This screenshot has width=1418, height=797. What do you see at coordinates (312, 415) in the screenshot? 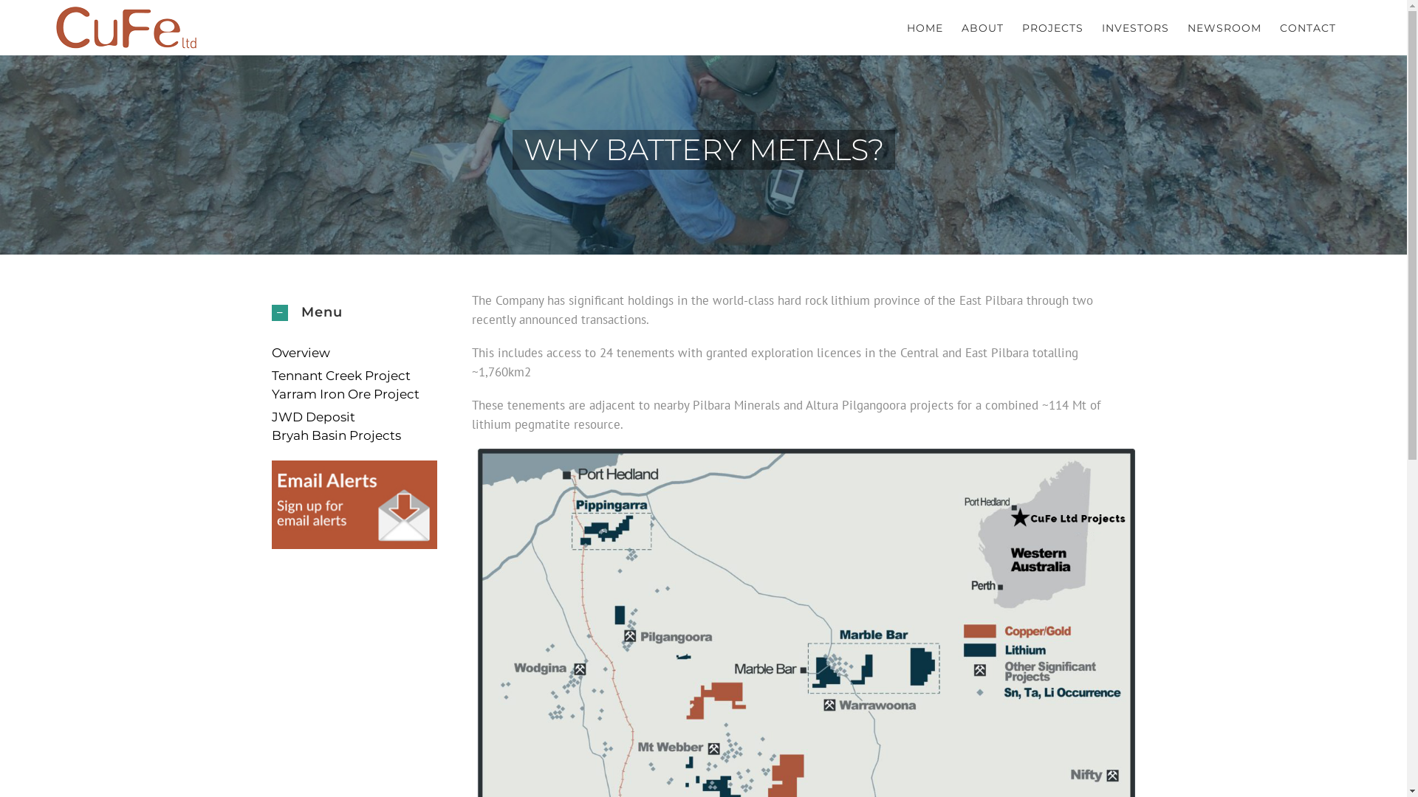
I see `'JWD Deposit'` at bounding box center [312, 415].